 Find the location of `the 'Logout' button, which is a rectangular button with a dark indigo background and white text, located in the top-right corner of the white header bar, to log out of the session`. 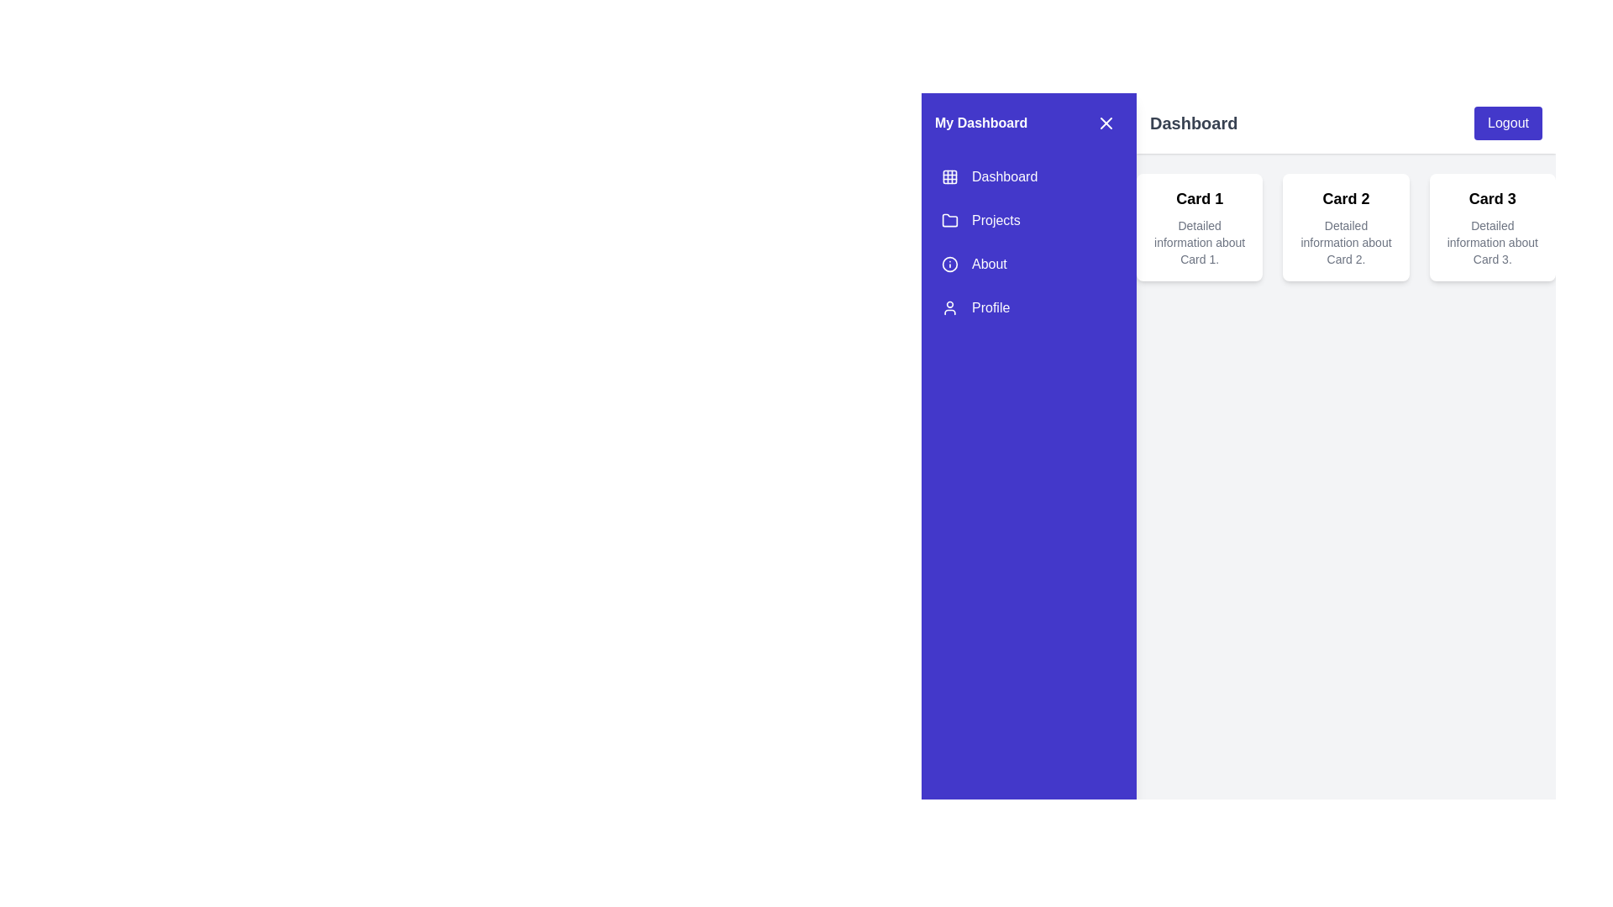

the 'Logout' button, which is a rectangular button with a dark indigo background and white text, located in the top-right corner of the white header bar, to log out of the session is located at coordinates (1508, 122).